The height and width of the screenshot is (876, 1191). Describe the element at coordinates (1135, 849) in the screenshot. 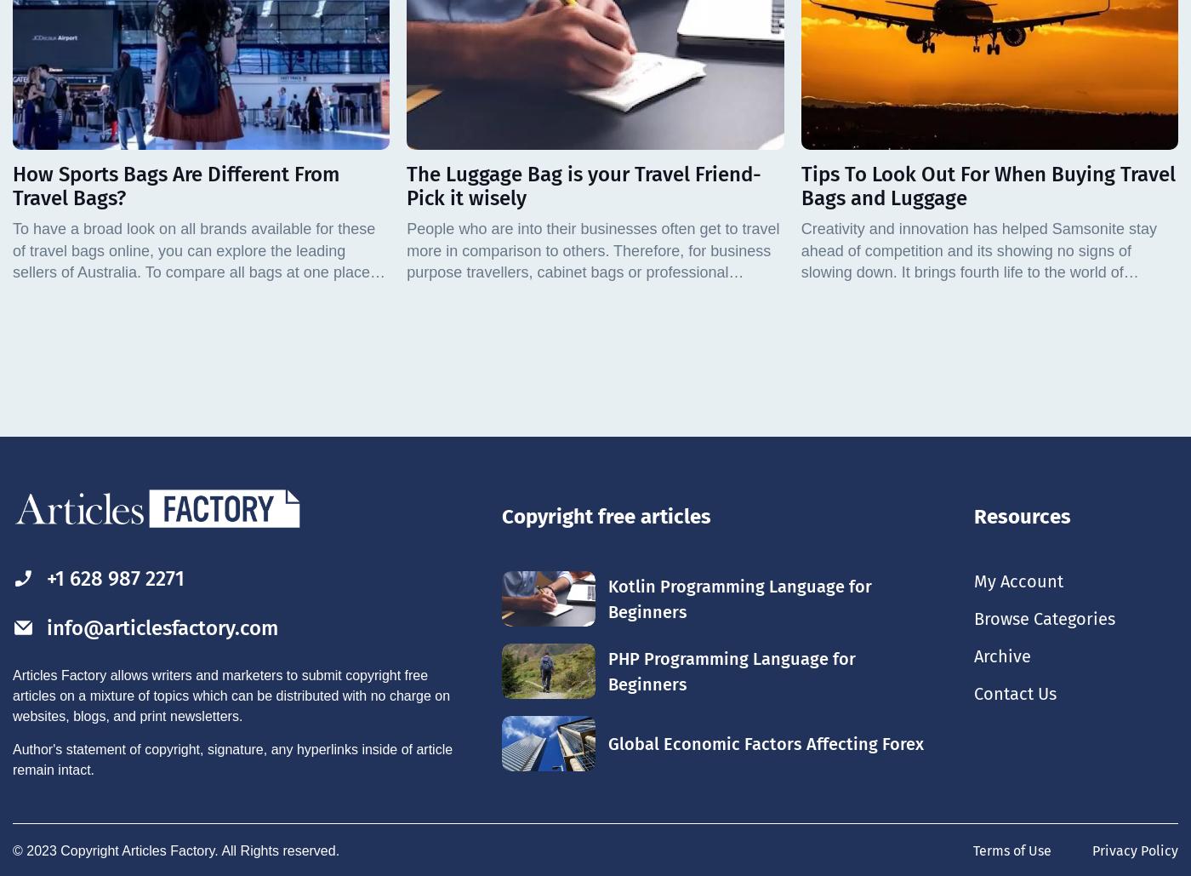

I see `'Privacy Policy'` at that location.